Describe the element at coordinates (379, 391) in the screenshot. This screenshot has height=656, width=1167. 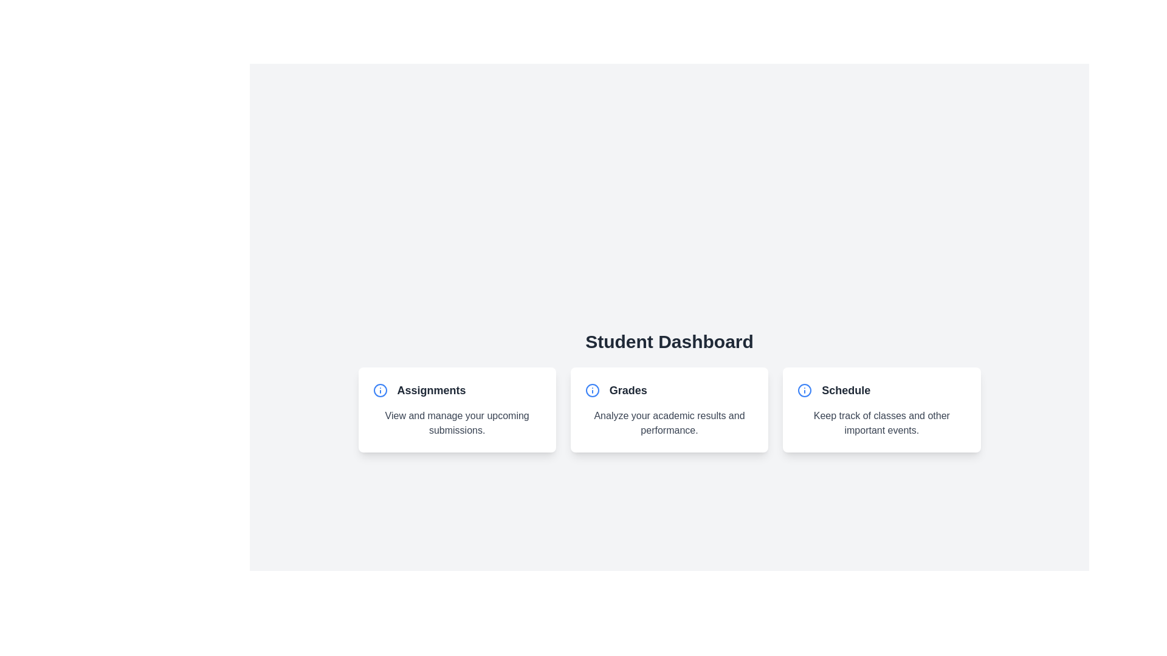
I see `the informational indicator icon` at that location.